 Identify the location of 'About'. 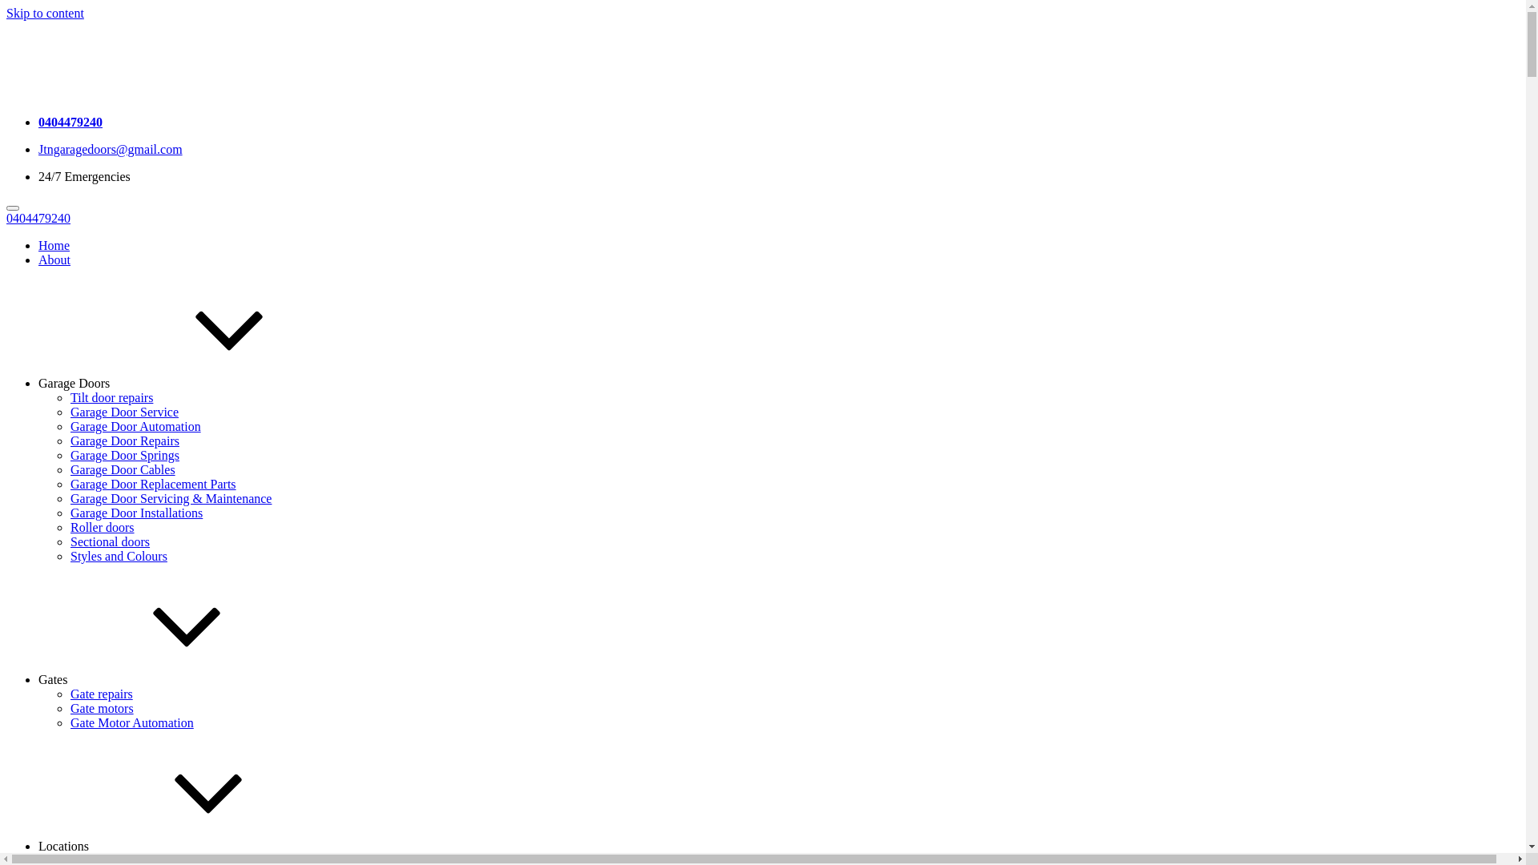
(54, 259).